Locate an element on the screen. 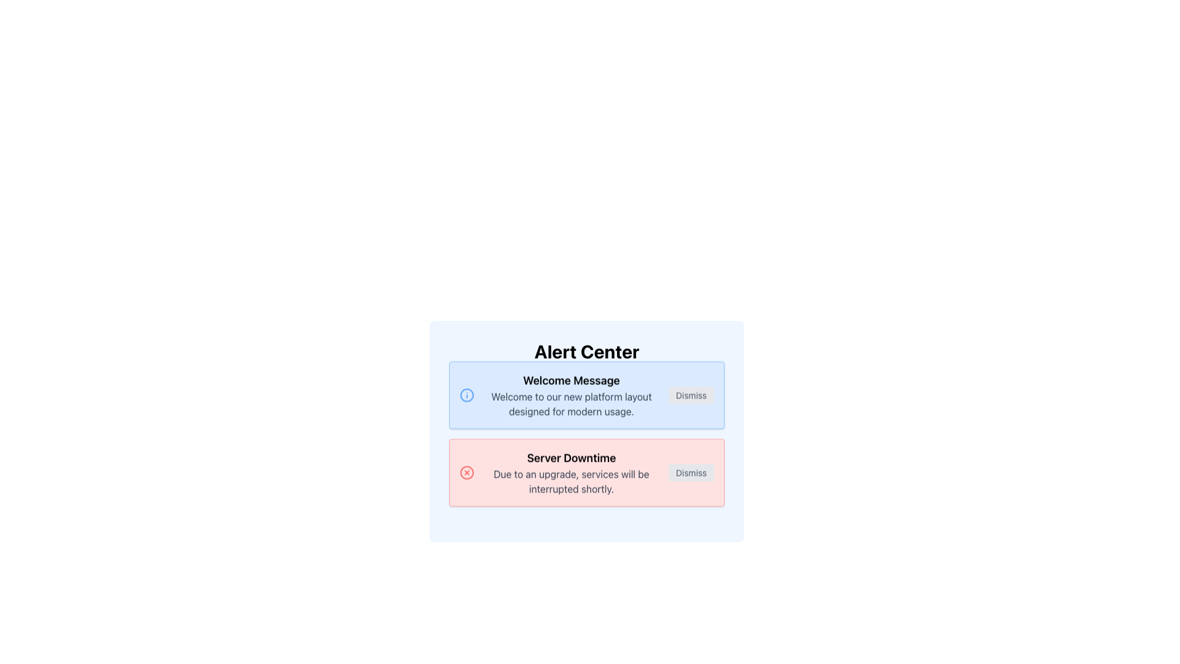 The width and height of the screenshot is (1180, 664). message contained in the text label that is styled in gray under the header 'Server Downtime' in the red alert box is located at coordinates (571, 483).